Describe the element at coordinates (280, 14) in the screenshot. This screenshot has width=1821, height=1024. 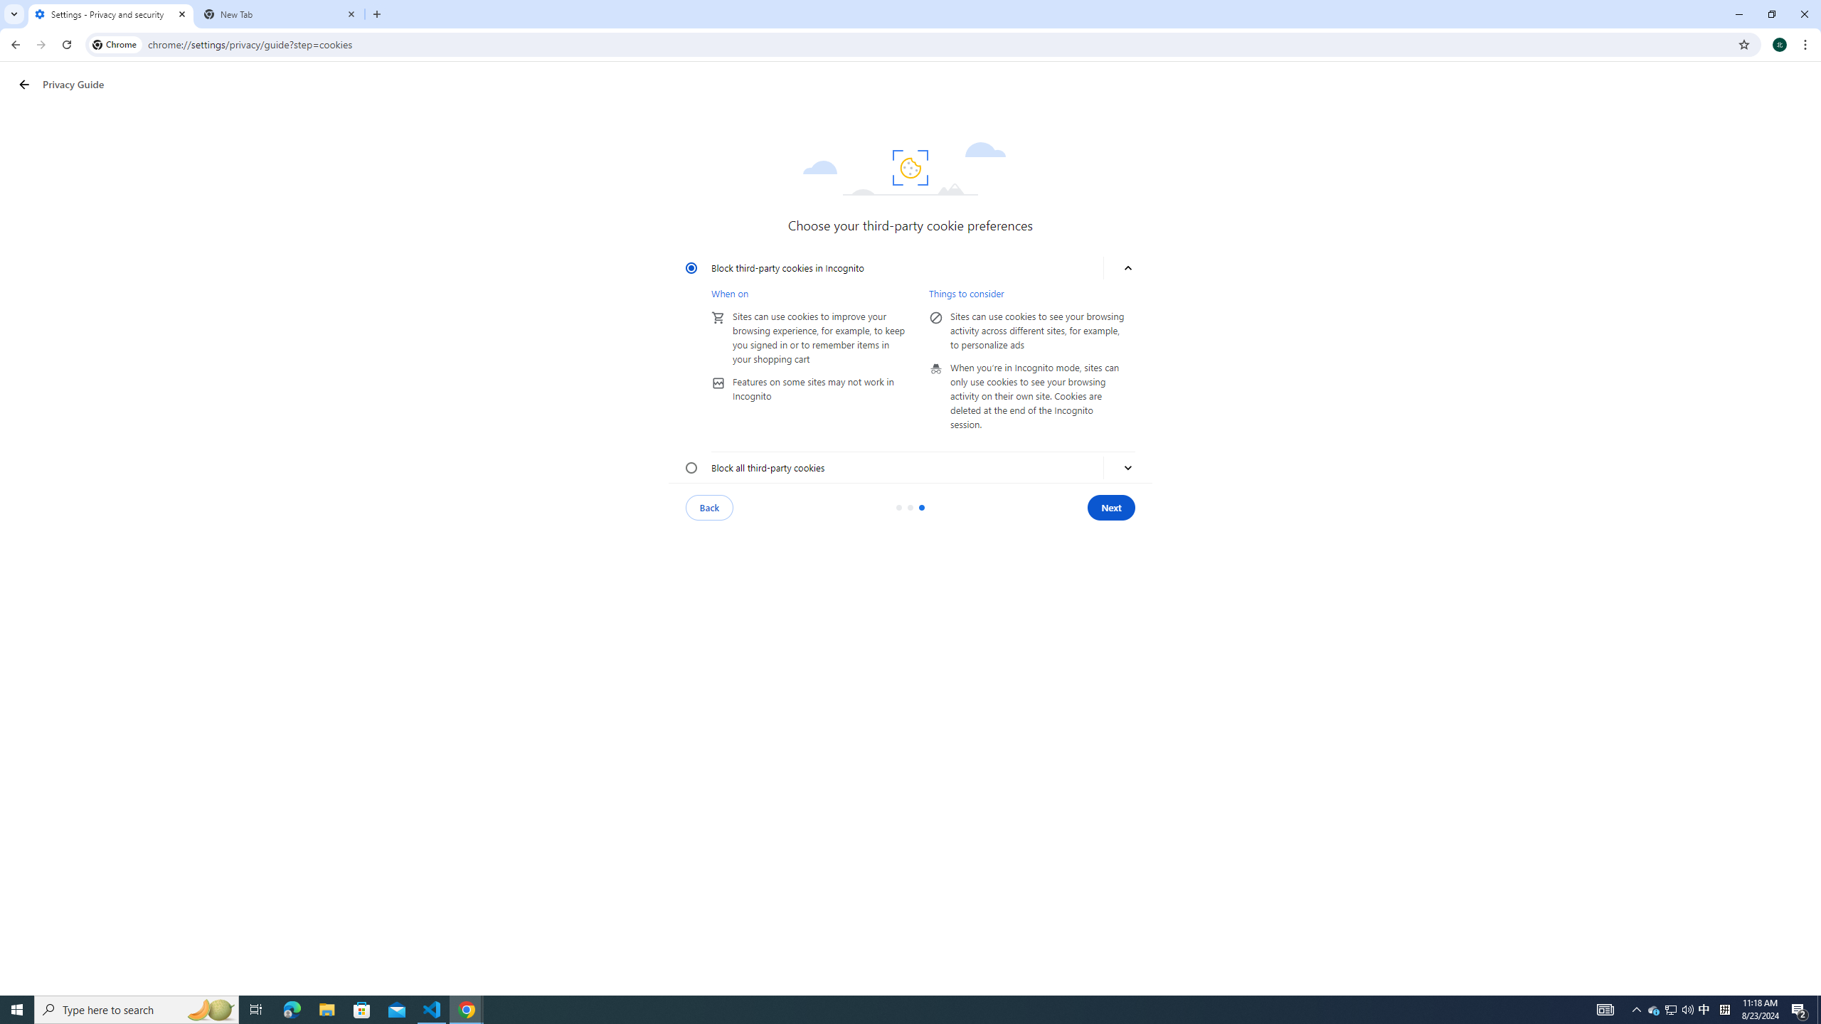
I see `'New Tab'` at that location.